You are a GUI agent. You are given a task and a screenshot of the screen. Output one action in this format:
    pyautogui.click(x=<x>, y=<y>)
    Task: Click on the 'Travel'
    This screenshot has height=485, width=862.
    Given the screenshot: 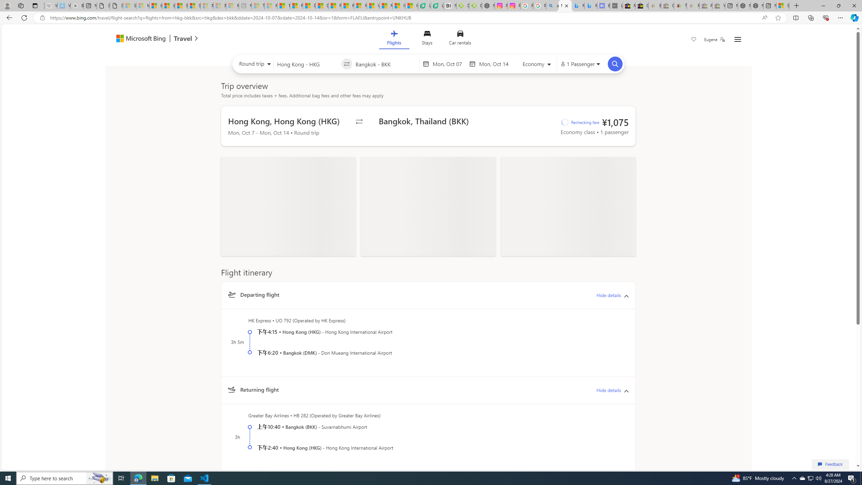 What is the action you would take?
    pyautogui.click(x=183, y=39)
    